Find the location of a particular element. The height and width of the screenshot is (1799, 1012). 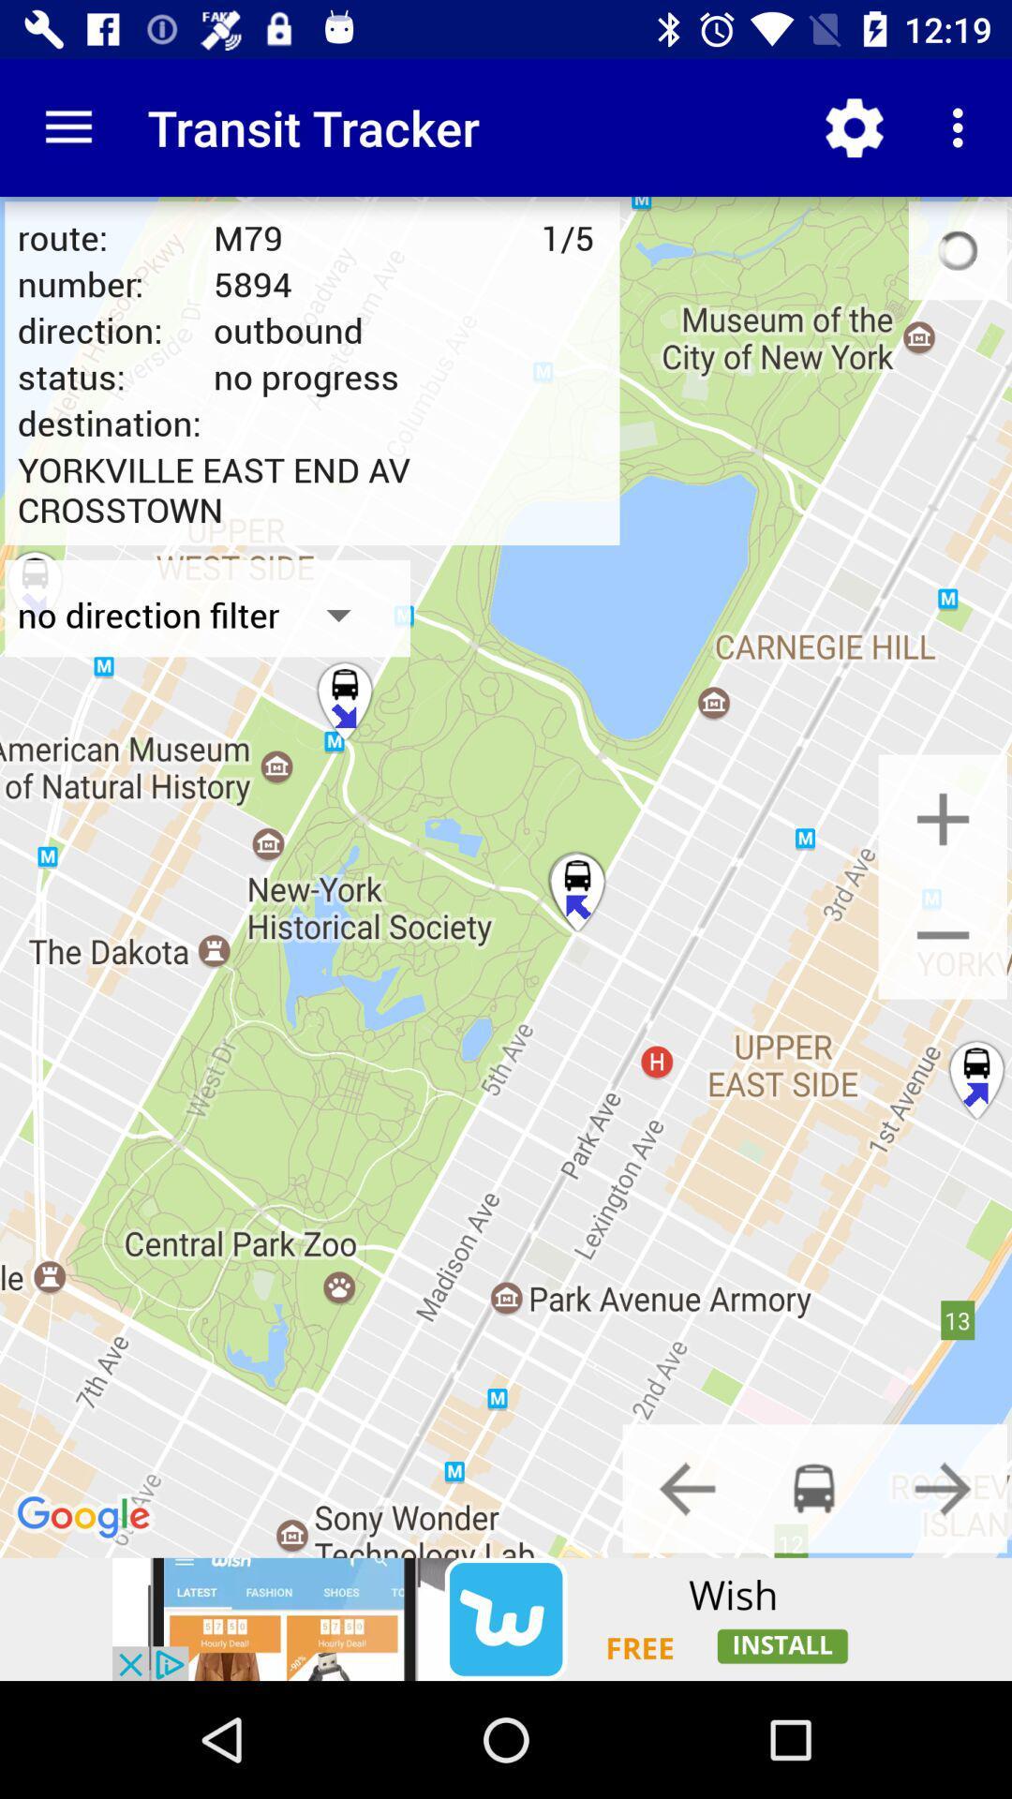

click on zoom out icon is located at coordinates (943, 934).